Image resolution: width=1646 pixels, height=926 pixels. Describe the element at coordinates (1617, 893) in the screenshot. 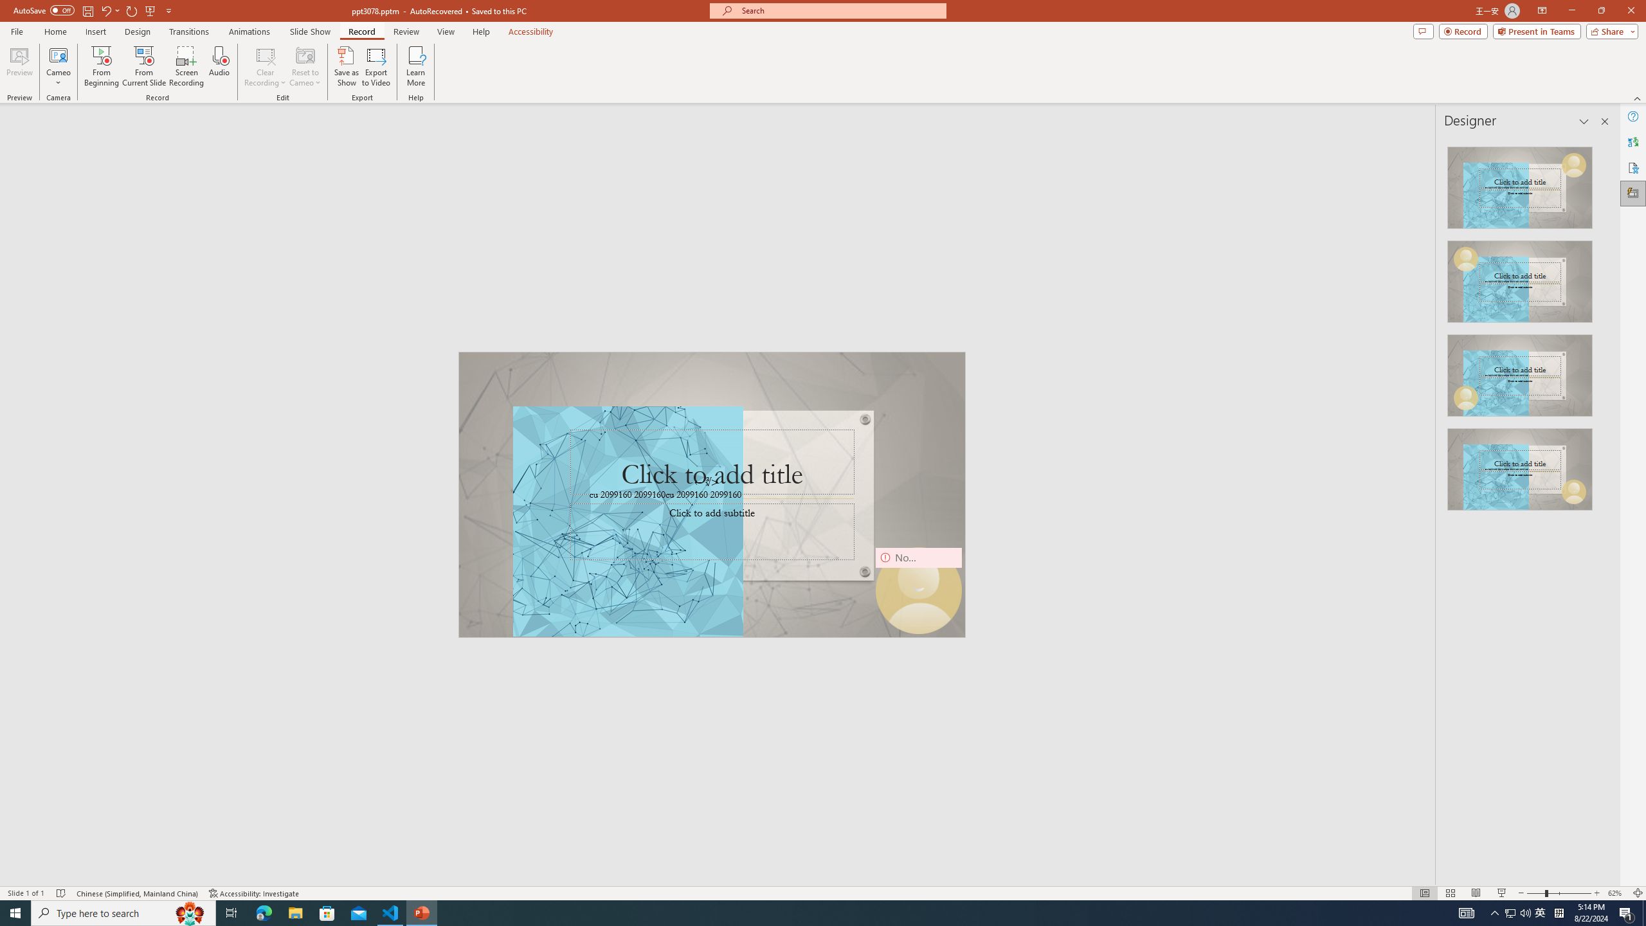

I see `'Zoom 62%'` at that location.